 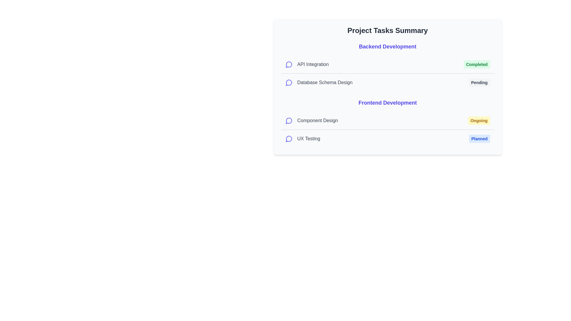 I want to click on the speech bubble icon associated with the 'API Integration' task in the 'Backend Development' section, so click(x=288, y=64).